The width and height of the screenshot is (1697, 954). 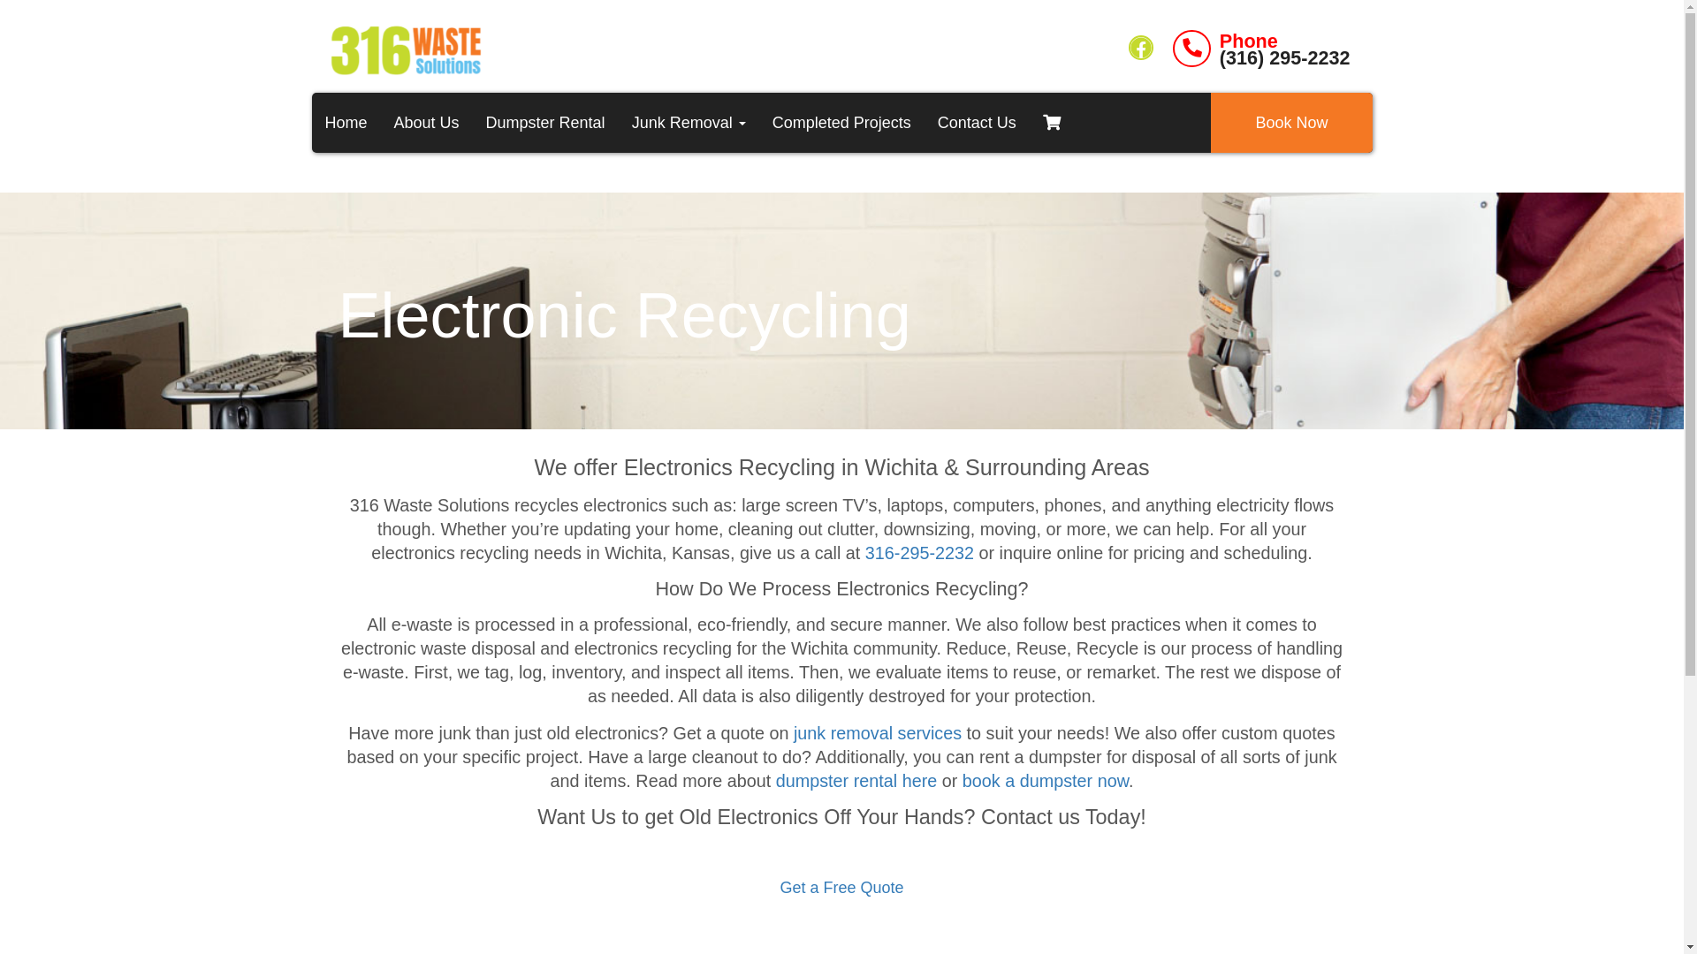 I want to click on 'Completed Projects', so click(x=841, y=121).